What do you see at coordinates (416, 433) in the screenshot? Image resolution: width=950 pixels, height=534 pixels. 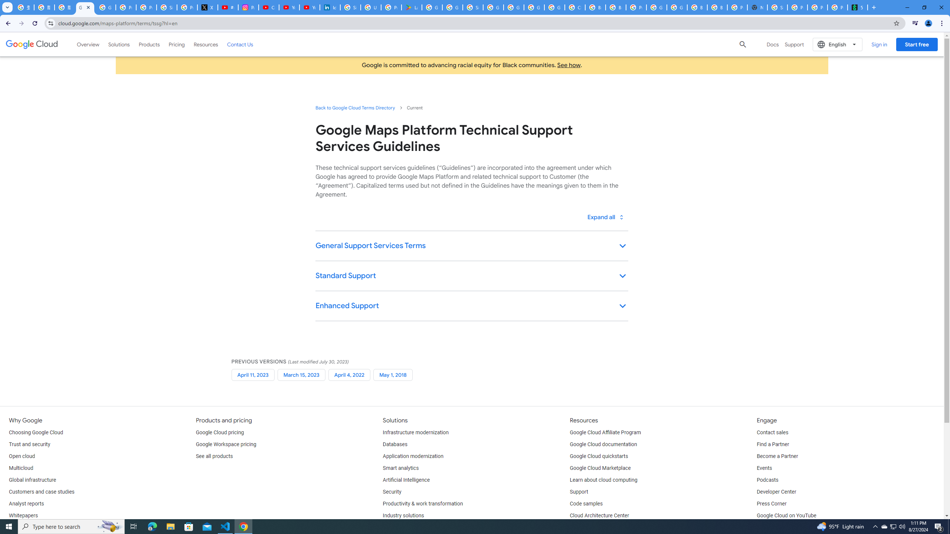 I see `'Infrastructure modernization'` at bounding box center [416, 433].